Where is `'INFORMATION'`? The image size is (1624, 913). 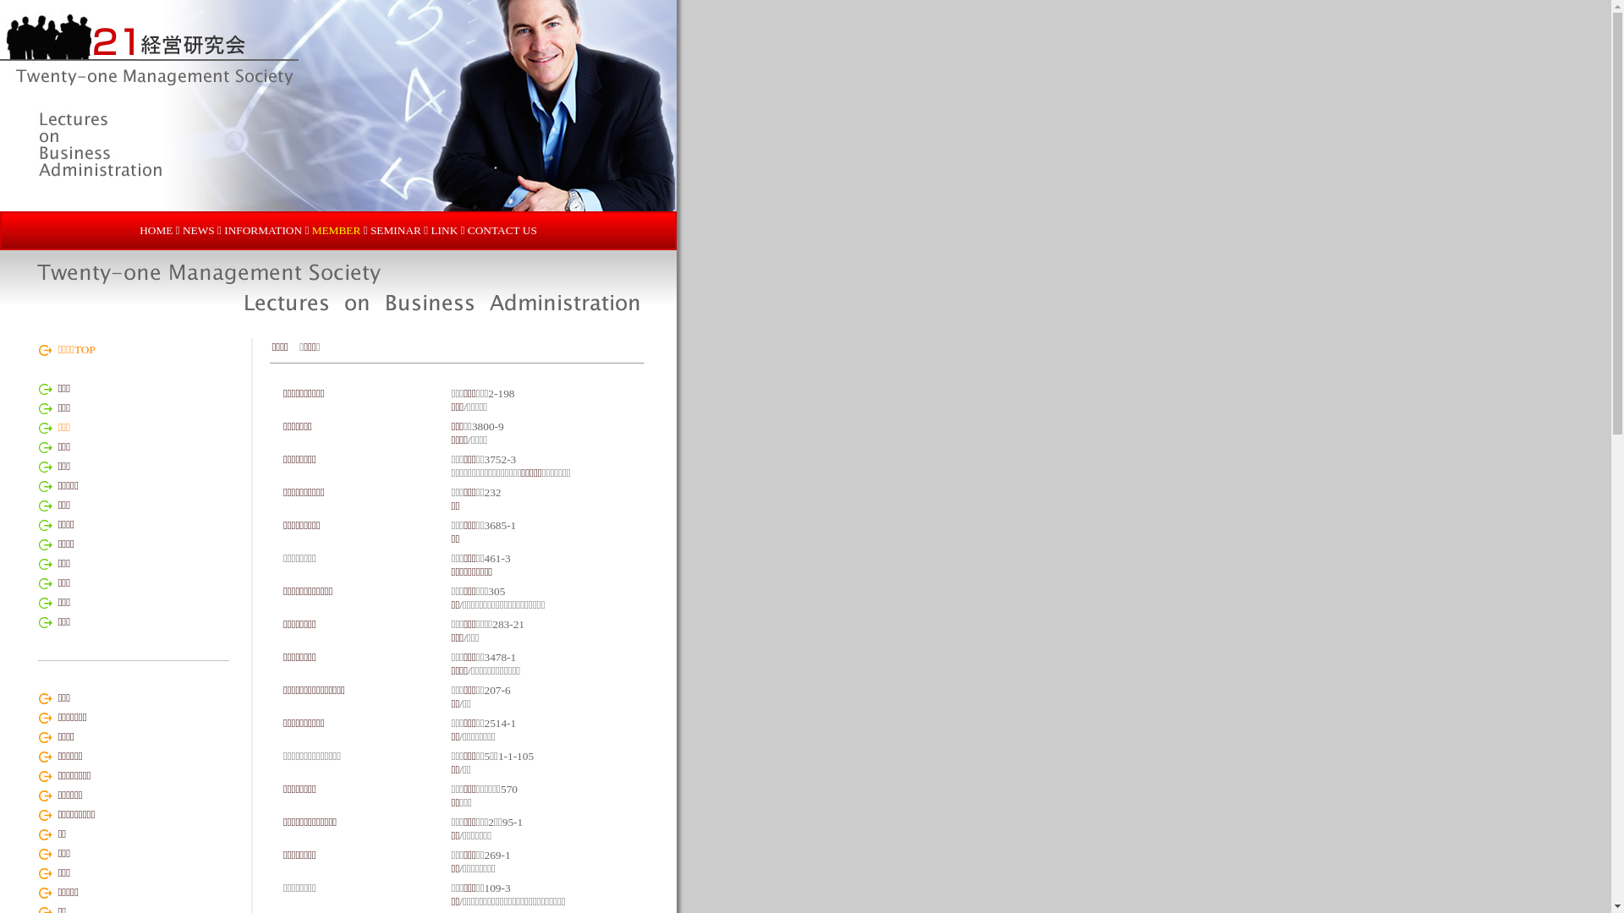
'INFORMATION' is located at coordinates (262, 230).